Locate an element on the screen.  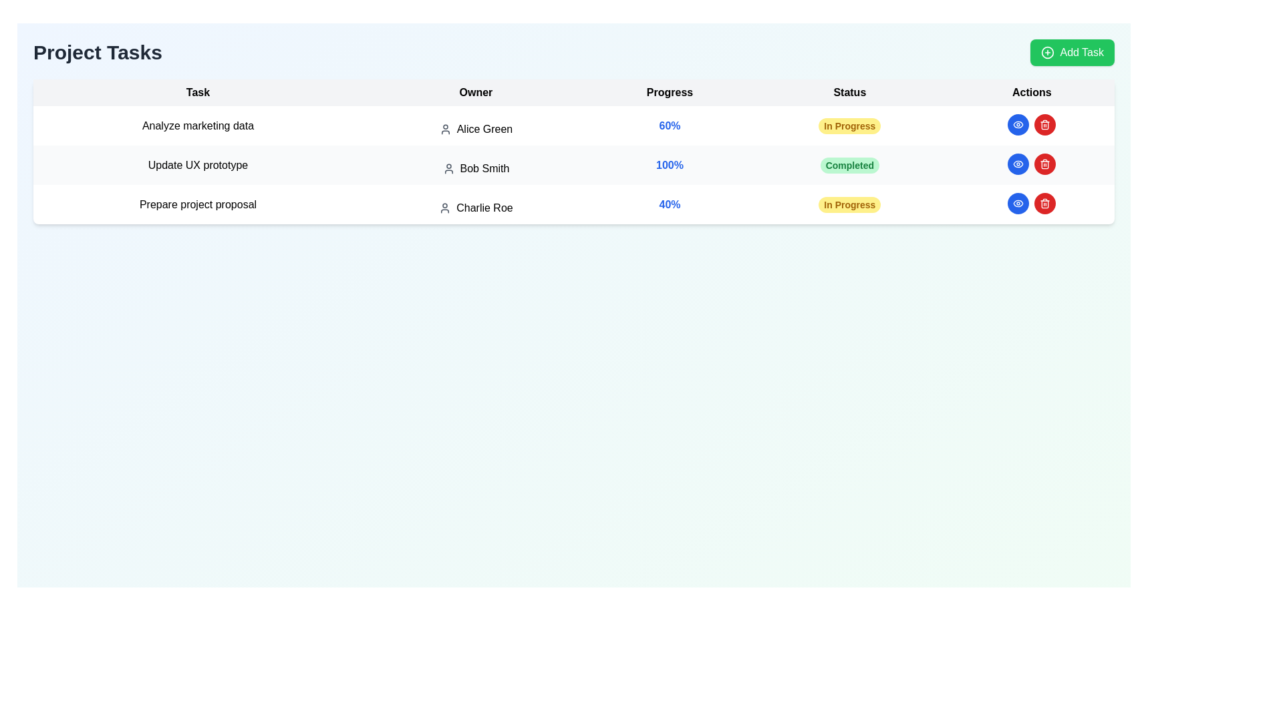
the user silhouette icon located in the 'Owner' column of the first row, which is positioned immediately to the left of the text 'Alice Green' is located at coordinates (445, 129).